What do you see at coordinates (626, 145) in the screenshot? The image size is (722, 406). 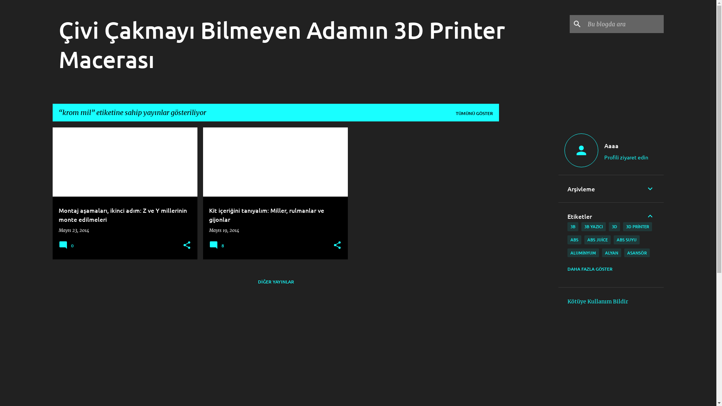 I see `'Aaaa'` at bounding box center [626, 145].